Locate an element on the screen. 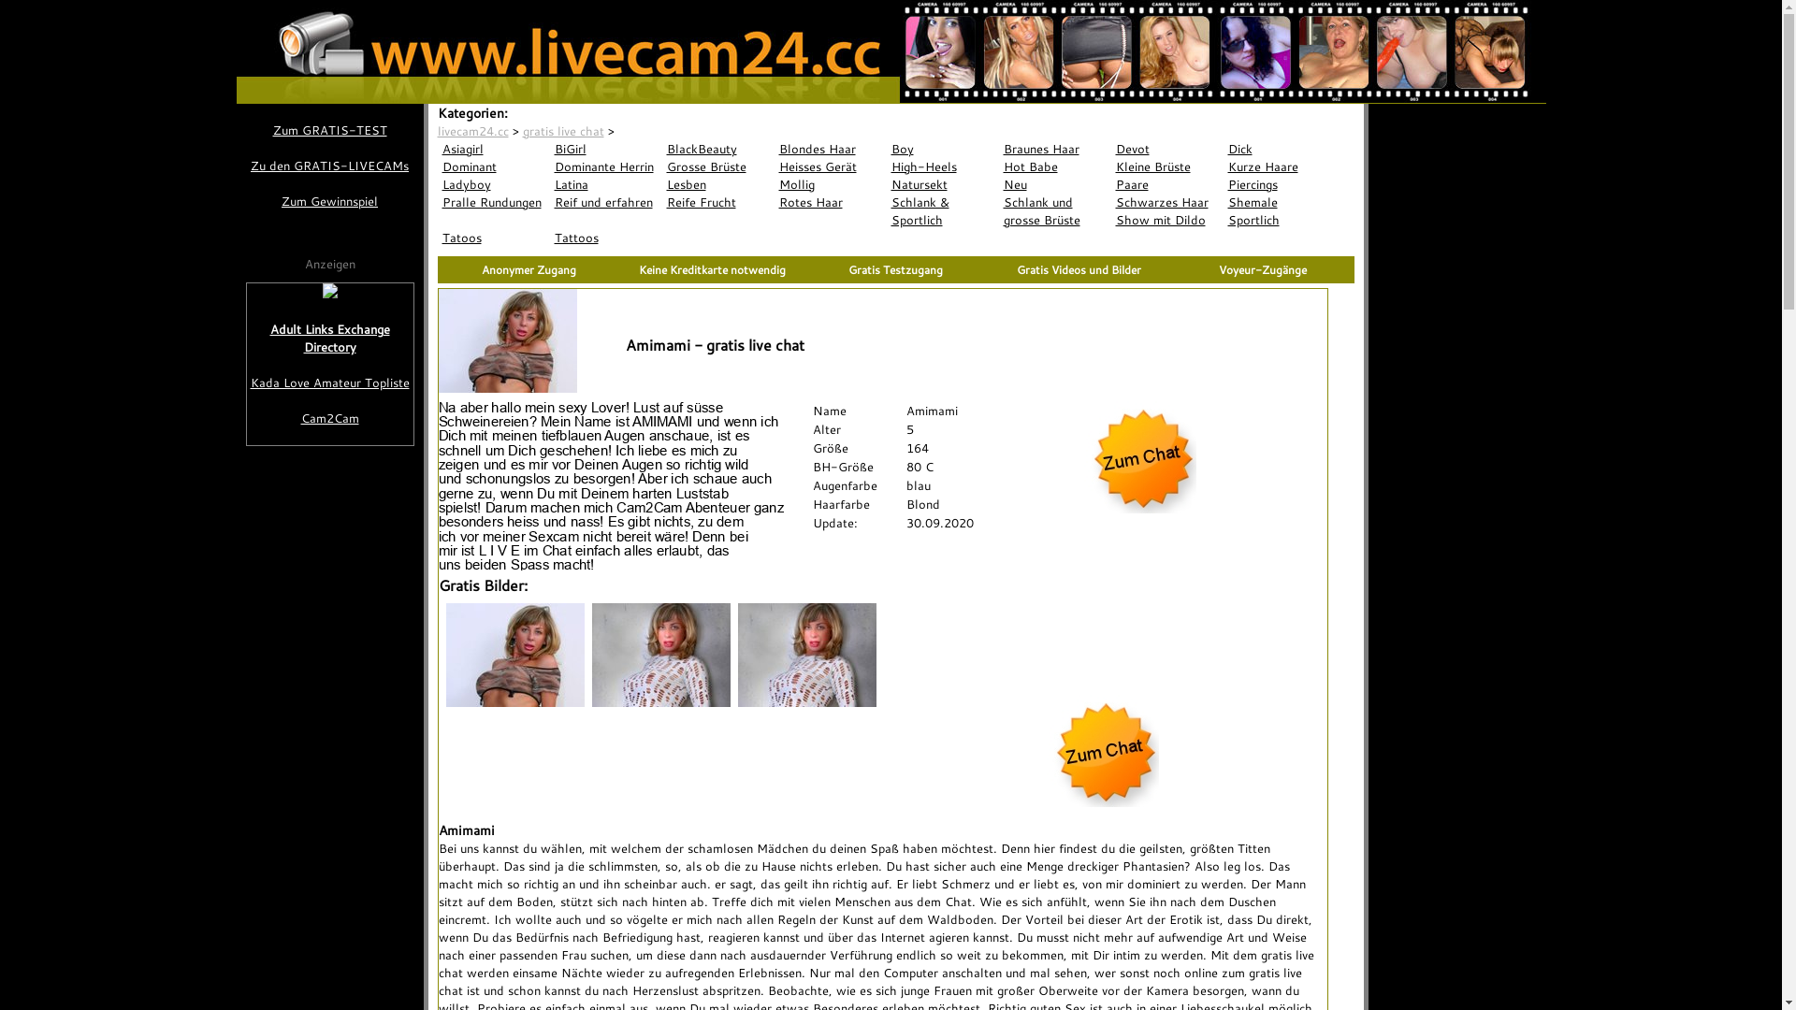 This screenshot has height=1010, width=1796. 'Rotes Haar' is located at coordinates (775, 202).